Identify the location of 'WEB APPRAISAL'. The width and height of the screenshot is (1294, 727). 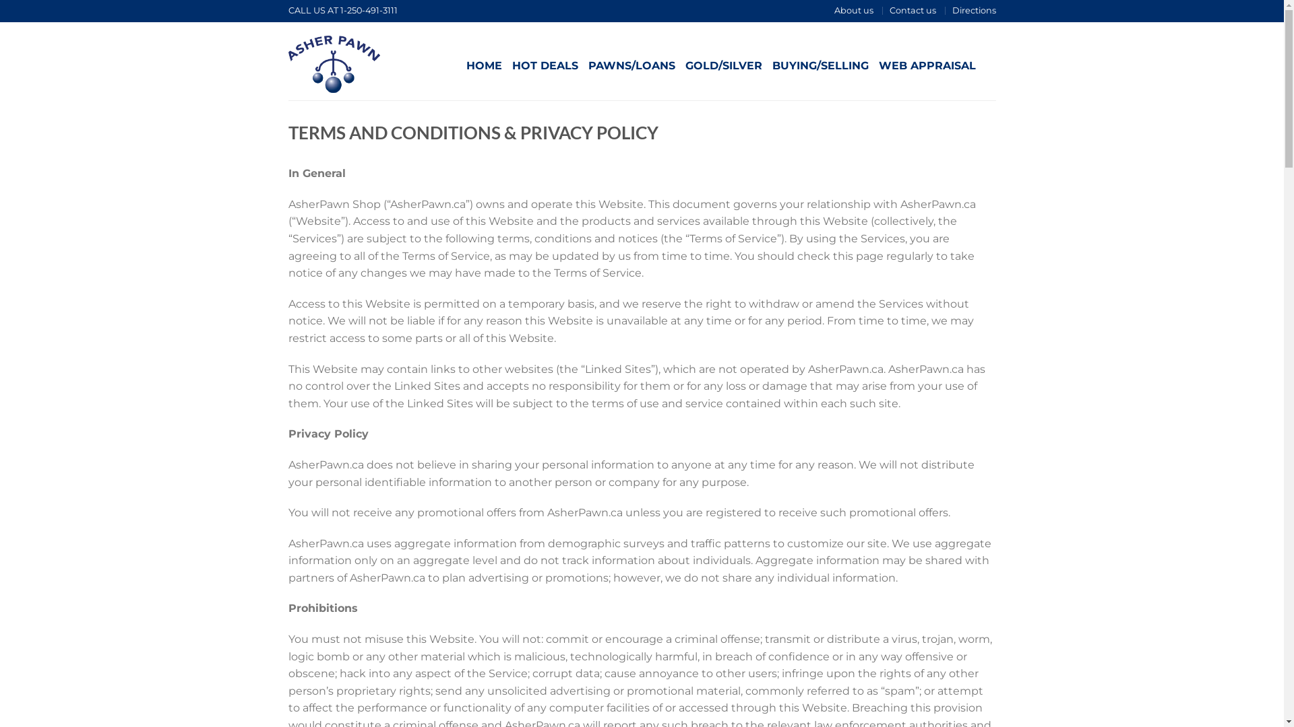
(927, 65).